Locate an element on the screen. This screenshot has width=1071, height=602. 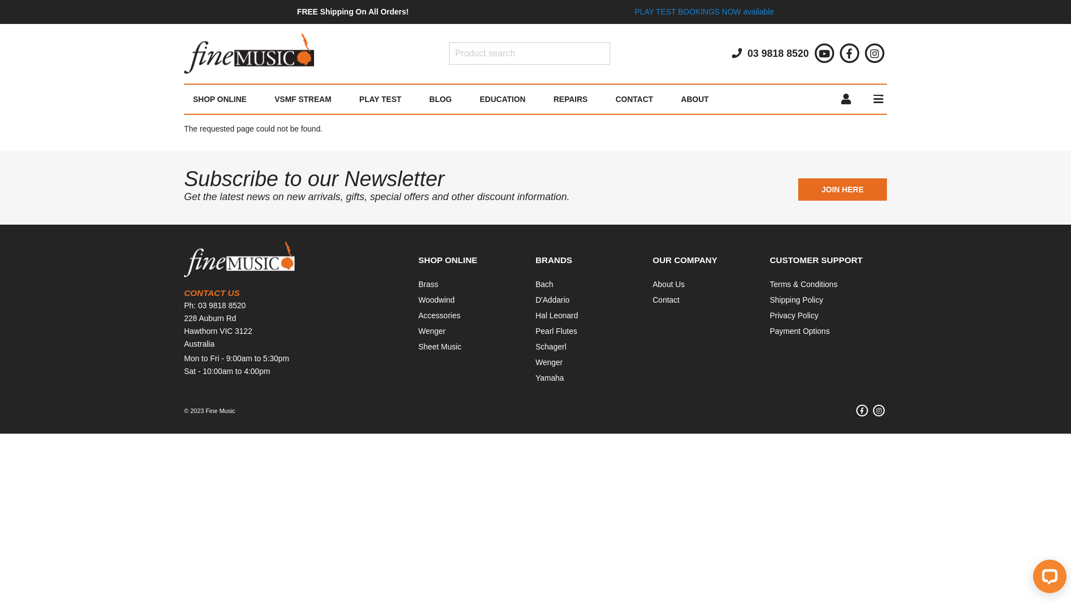
'BLOG' is located at coordinates (440, 98).